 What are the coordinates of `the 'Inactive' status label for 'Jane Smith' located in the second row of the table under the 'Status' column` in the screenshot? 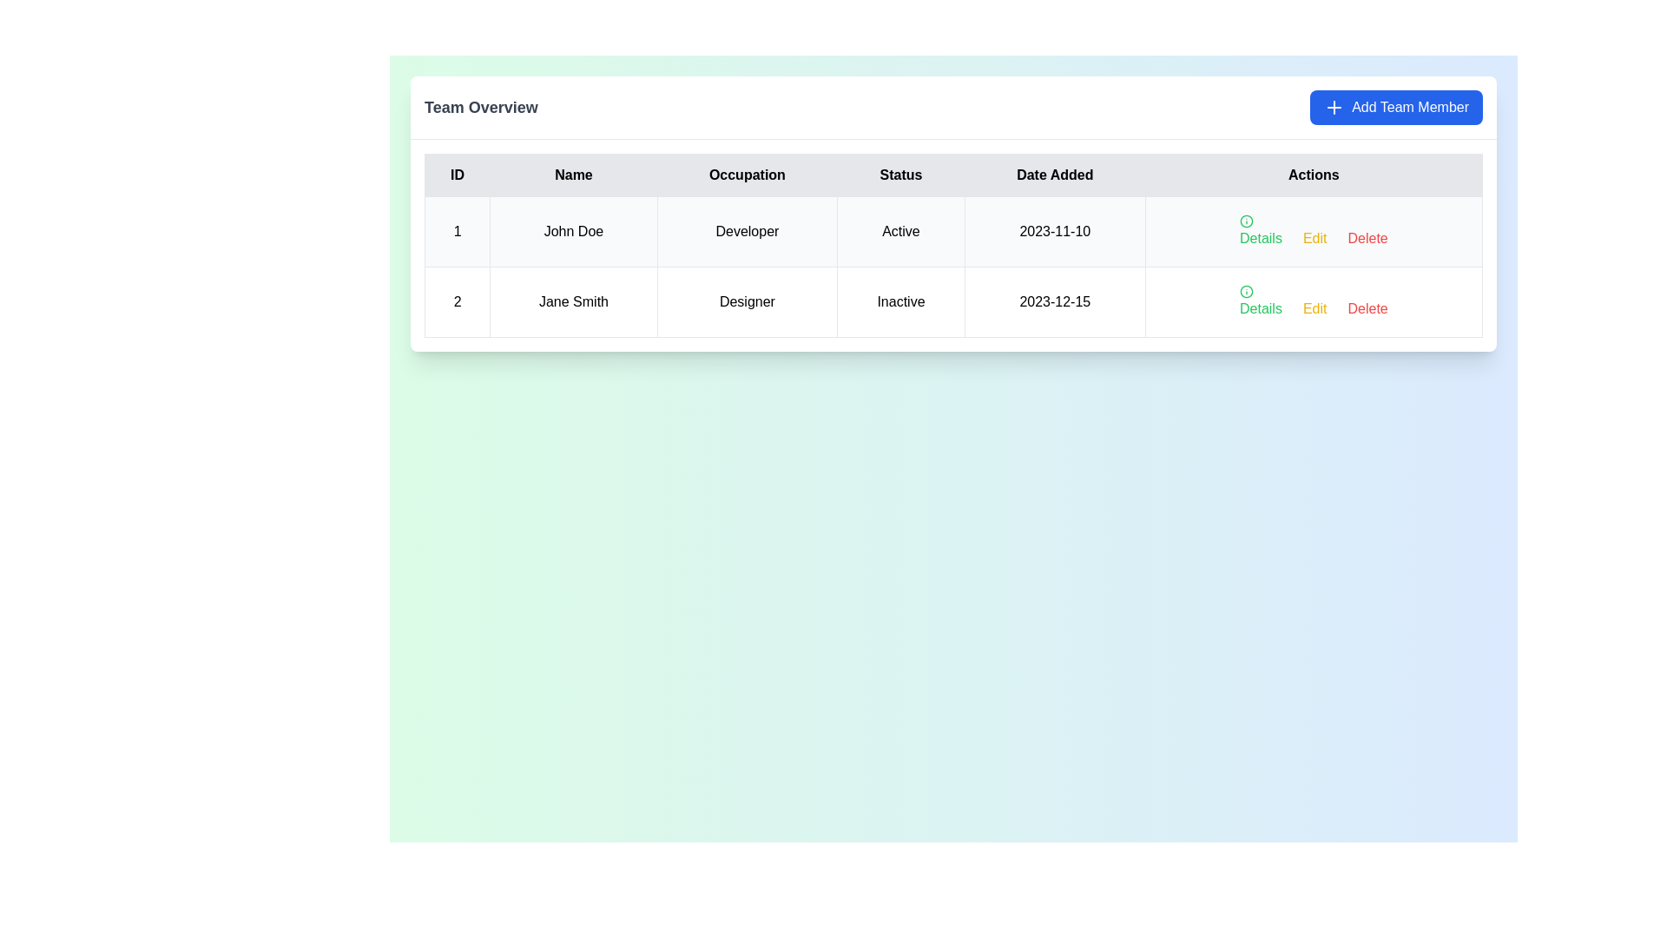 It's located at (900, 301).